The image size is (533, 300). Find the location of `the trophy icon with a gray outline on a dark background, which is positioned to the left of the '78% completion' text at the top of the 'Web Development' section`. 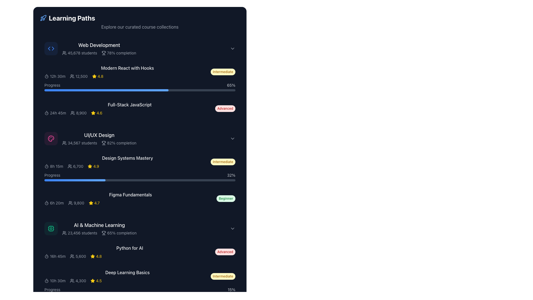

the trophy icon with a gray outline on a dark background, which is positioned to the left of the '78% completion' text at the top of the 'Web Development' section is located at coordinates (104, 53).